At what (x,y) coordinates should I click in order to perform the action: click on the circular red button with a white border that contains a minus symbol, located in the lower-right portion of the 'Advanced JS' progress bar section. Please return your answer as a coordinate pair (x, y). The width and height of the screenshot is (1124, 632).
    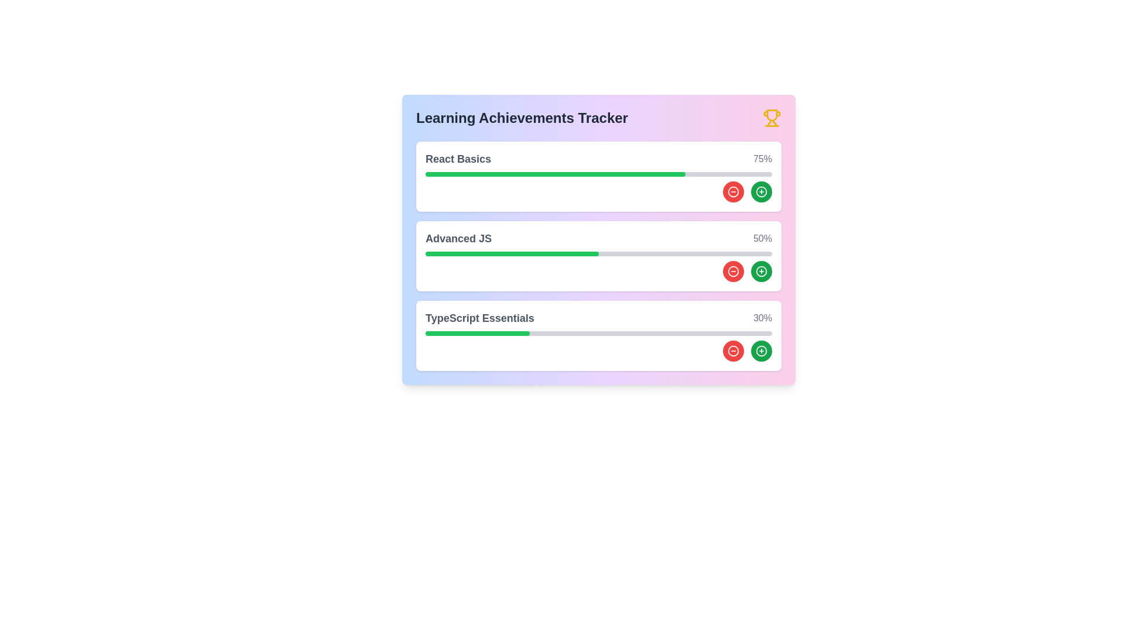
    Looking at the image, I should click on (732, 271).